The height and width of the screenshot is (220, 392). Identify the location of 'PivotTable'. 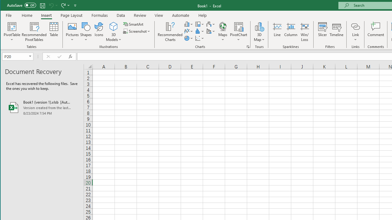
(12, 26).